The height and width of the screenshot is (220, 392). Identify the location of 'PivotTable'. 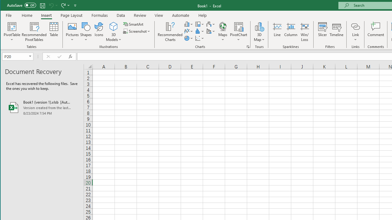
(12, 26).